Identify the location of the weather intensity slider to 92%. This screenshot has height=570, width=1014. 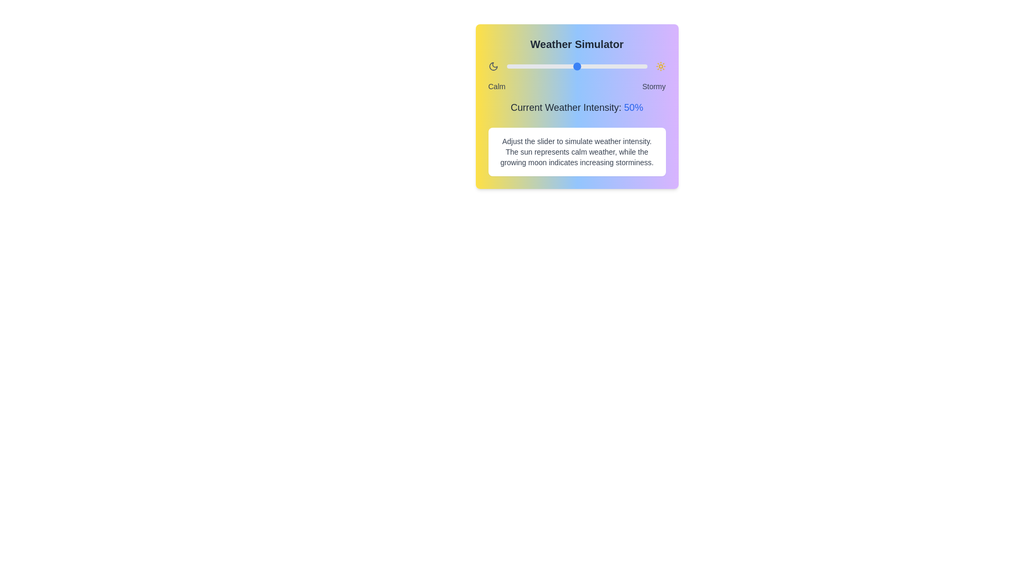
(635, 66).